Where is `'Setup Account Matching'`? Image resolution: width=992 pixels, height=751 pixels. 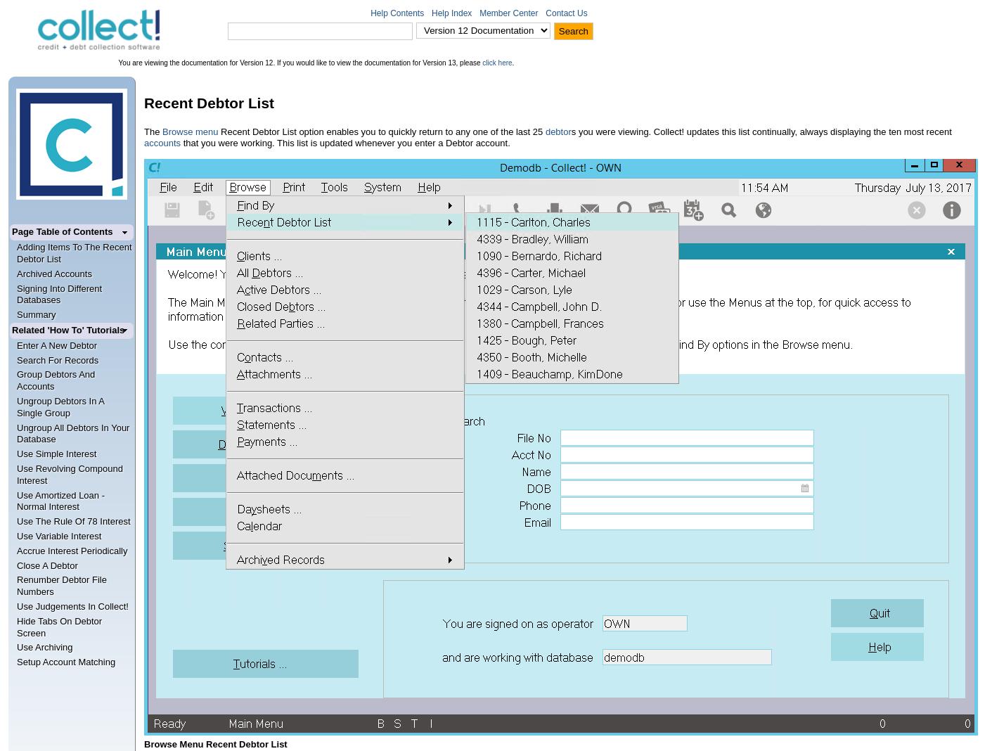 'Setup Account Matching' is located at coordinates (65, 662).